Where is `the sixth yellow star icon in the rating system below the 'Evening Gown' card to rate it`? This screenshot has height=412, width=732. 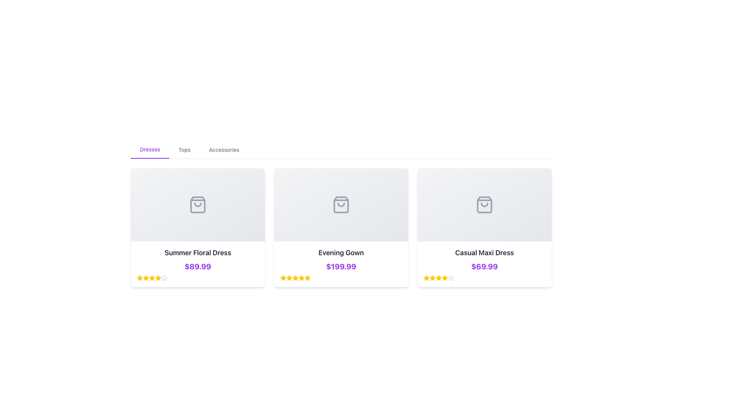 the sixth yellow star icon in the rating system below the 'Evening Gown' card to rate it is located at coordinates (301, 278).